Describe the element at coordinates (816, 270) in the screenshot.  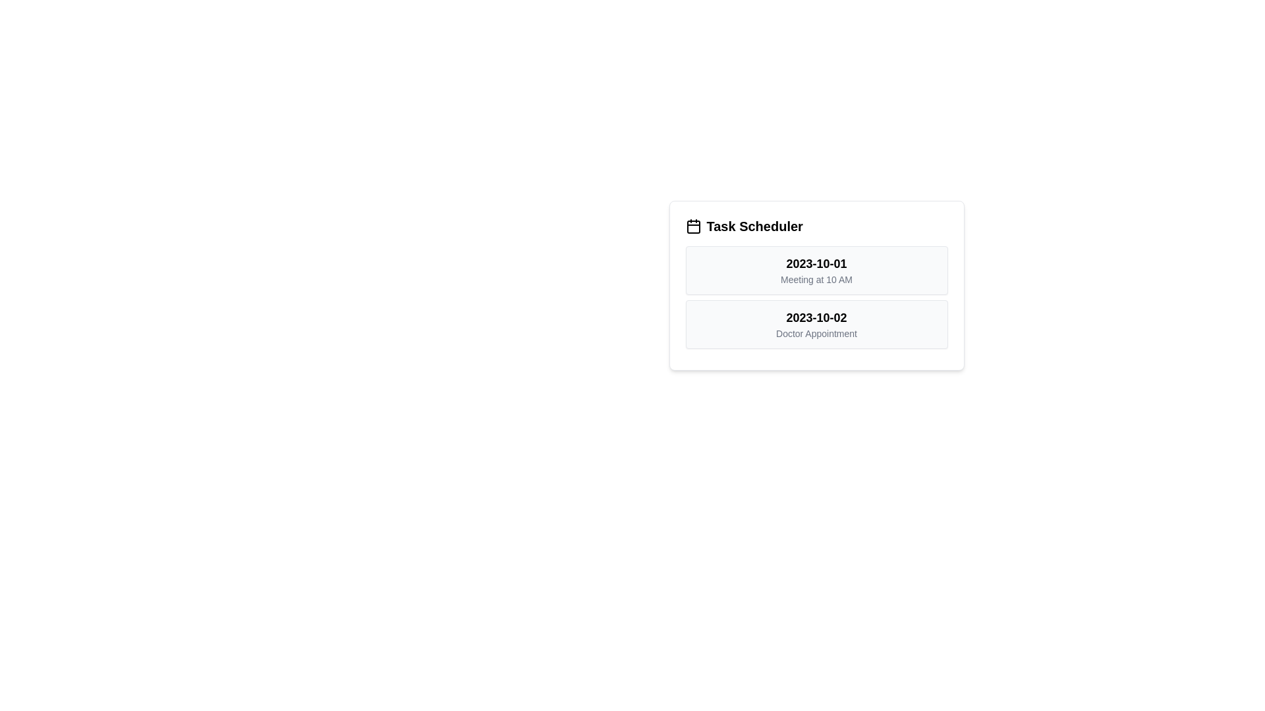
I see `the Event Card displaying the date '2023-10-01' and the text 'Meeting at 10 AM' for additional details` at that location.